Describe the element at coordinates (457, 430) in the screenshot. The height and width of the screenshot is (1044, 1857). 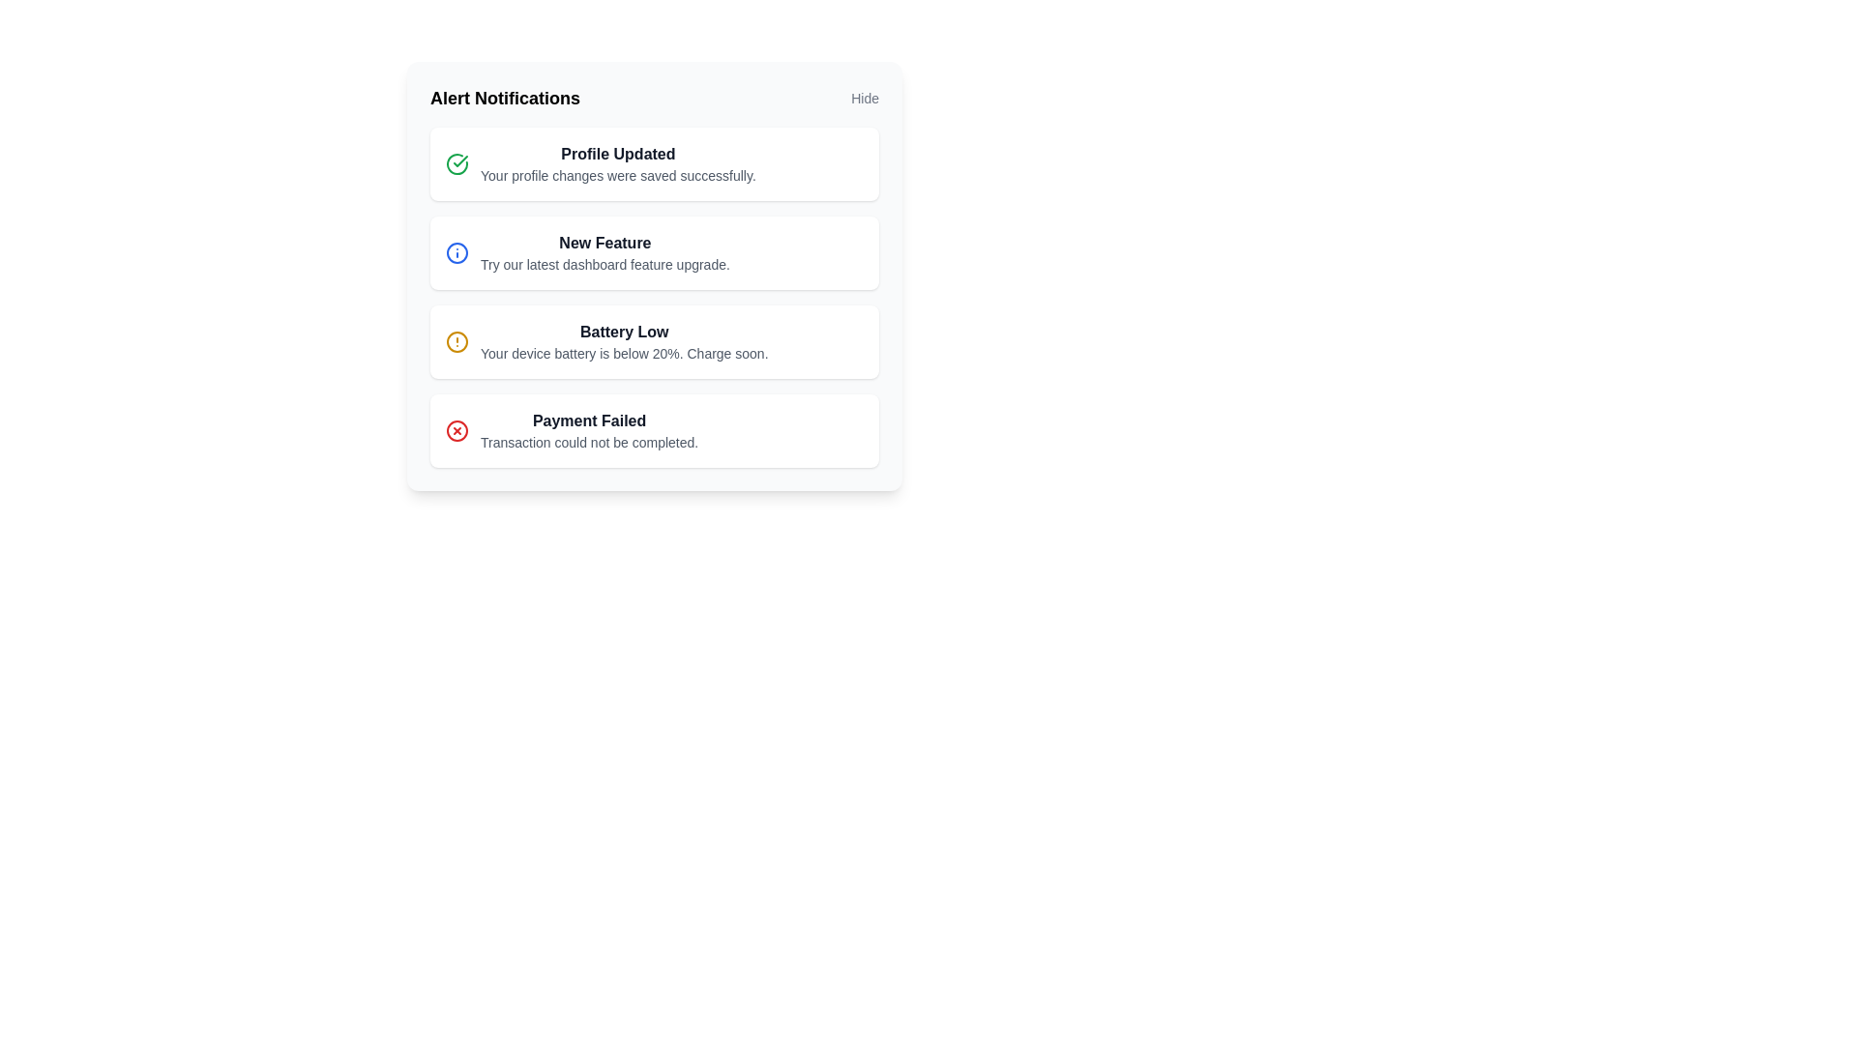
I see `the icon indicating a failed status associated with the 'Payment Failed' notification message, located in the bottommost row of the notification card group, immediately to the left of the bold text 'Payment Failed'` at that location.